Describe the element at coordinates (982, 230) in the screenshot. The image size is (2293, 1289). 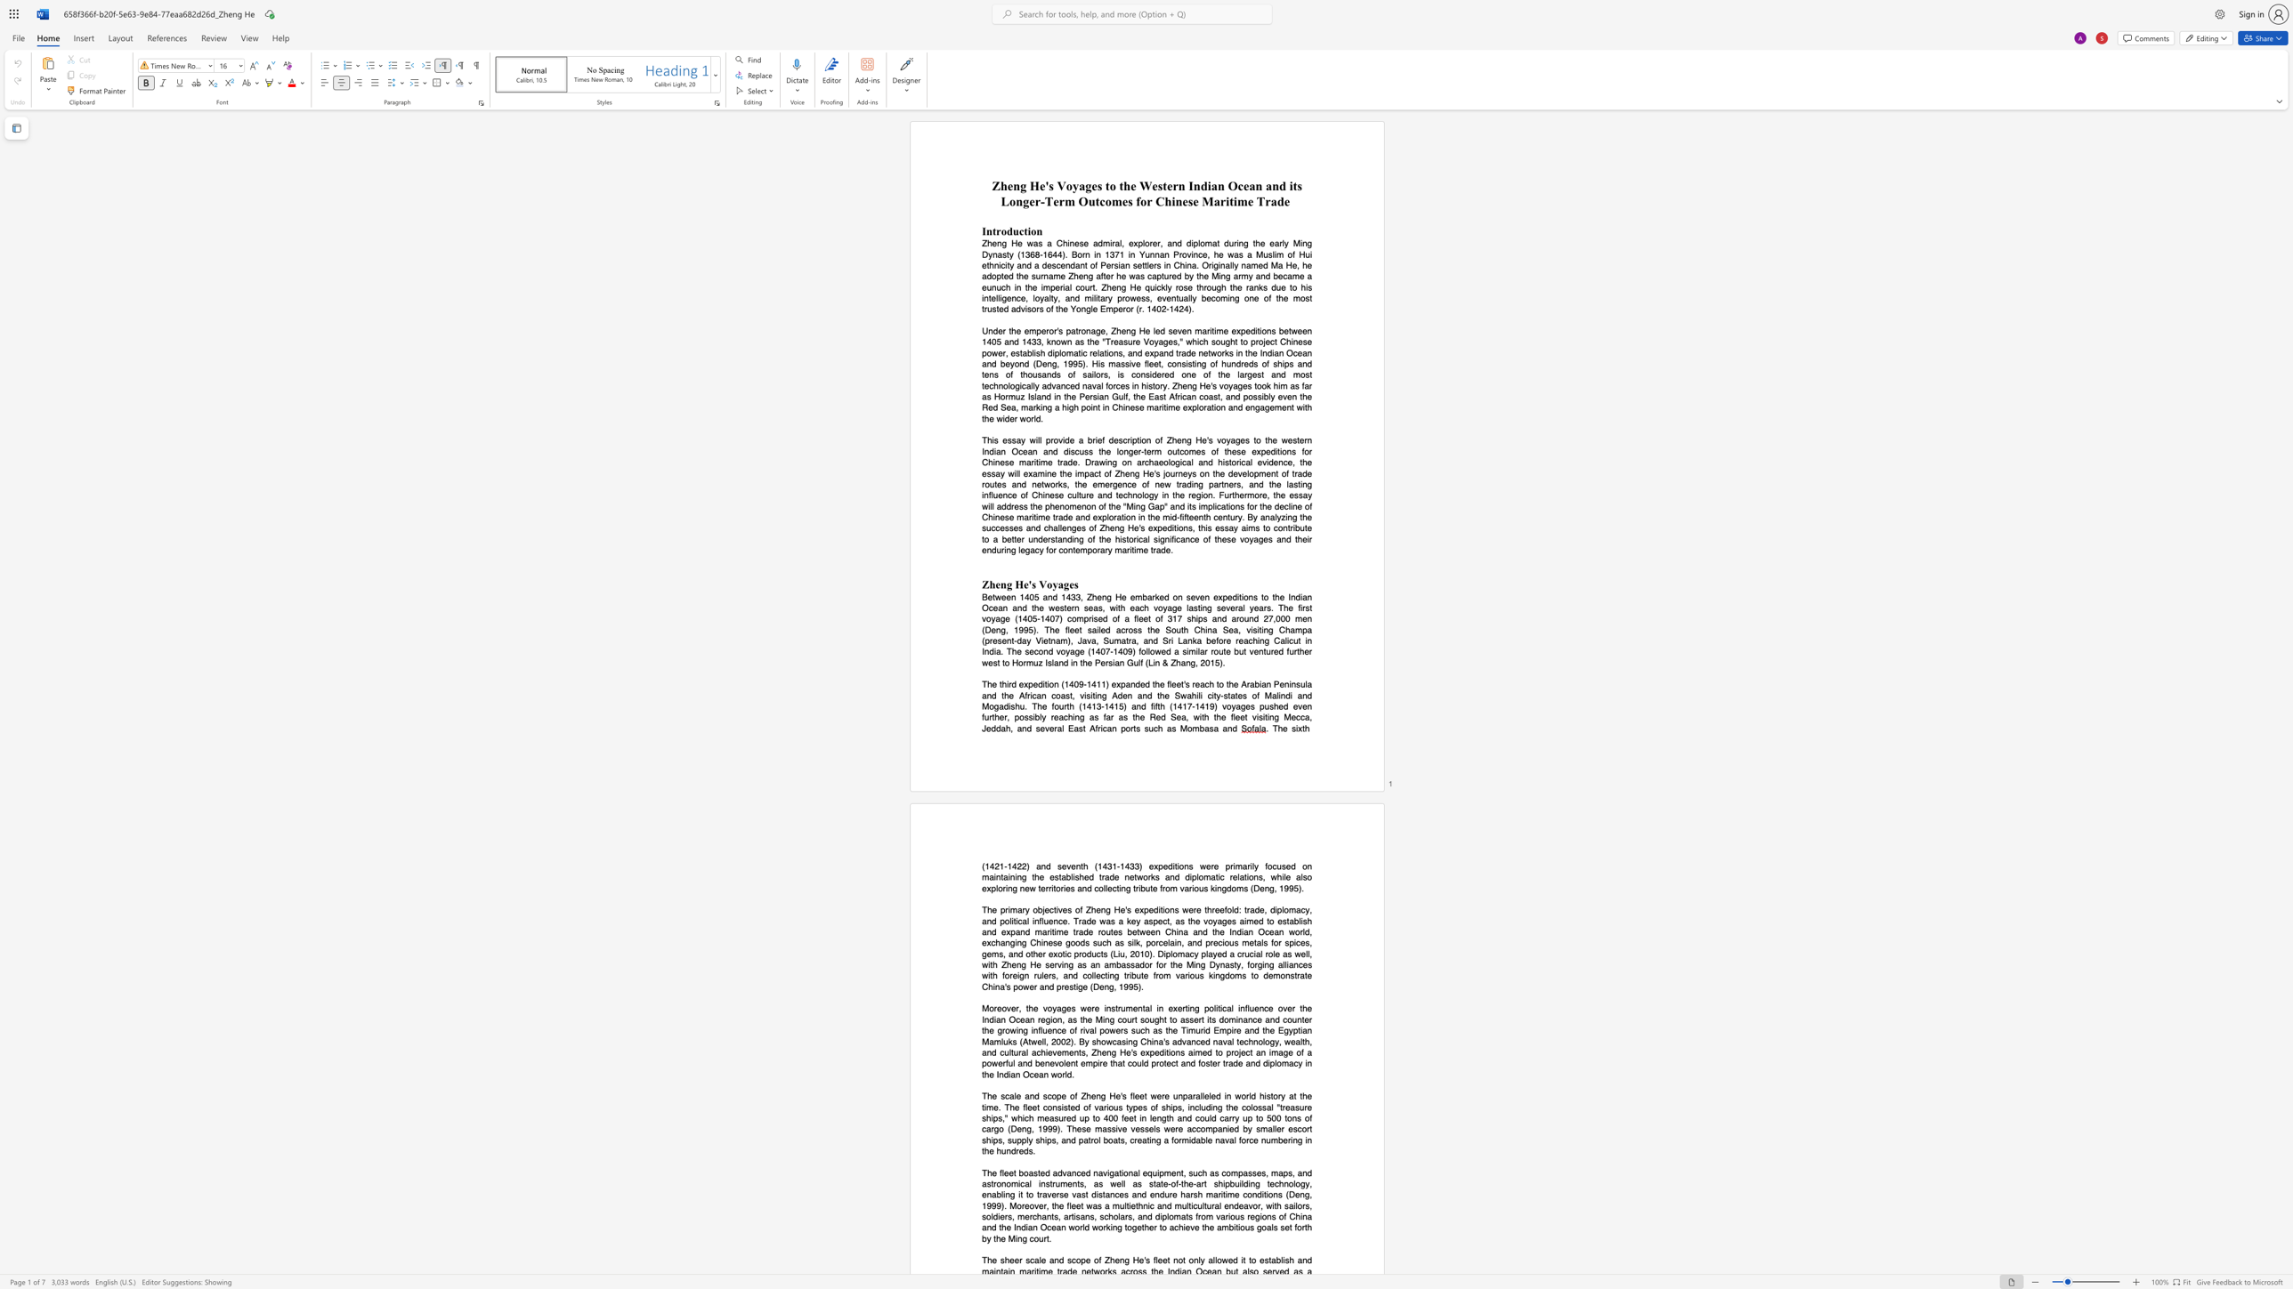
I see `the subset text "Introd" within the text "Introduction"` at that location.